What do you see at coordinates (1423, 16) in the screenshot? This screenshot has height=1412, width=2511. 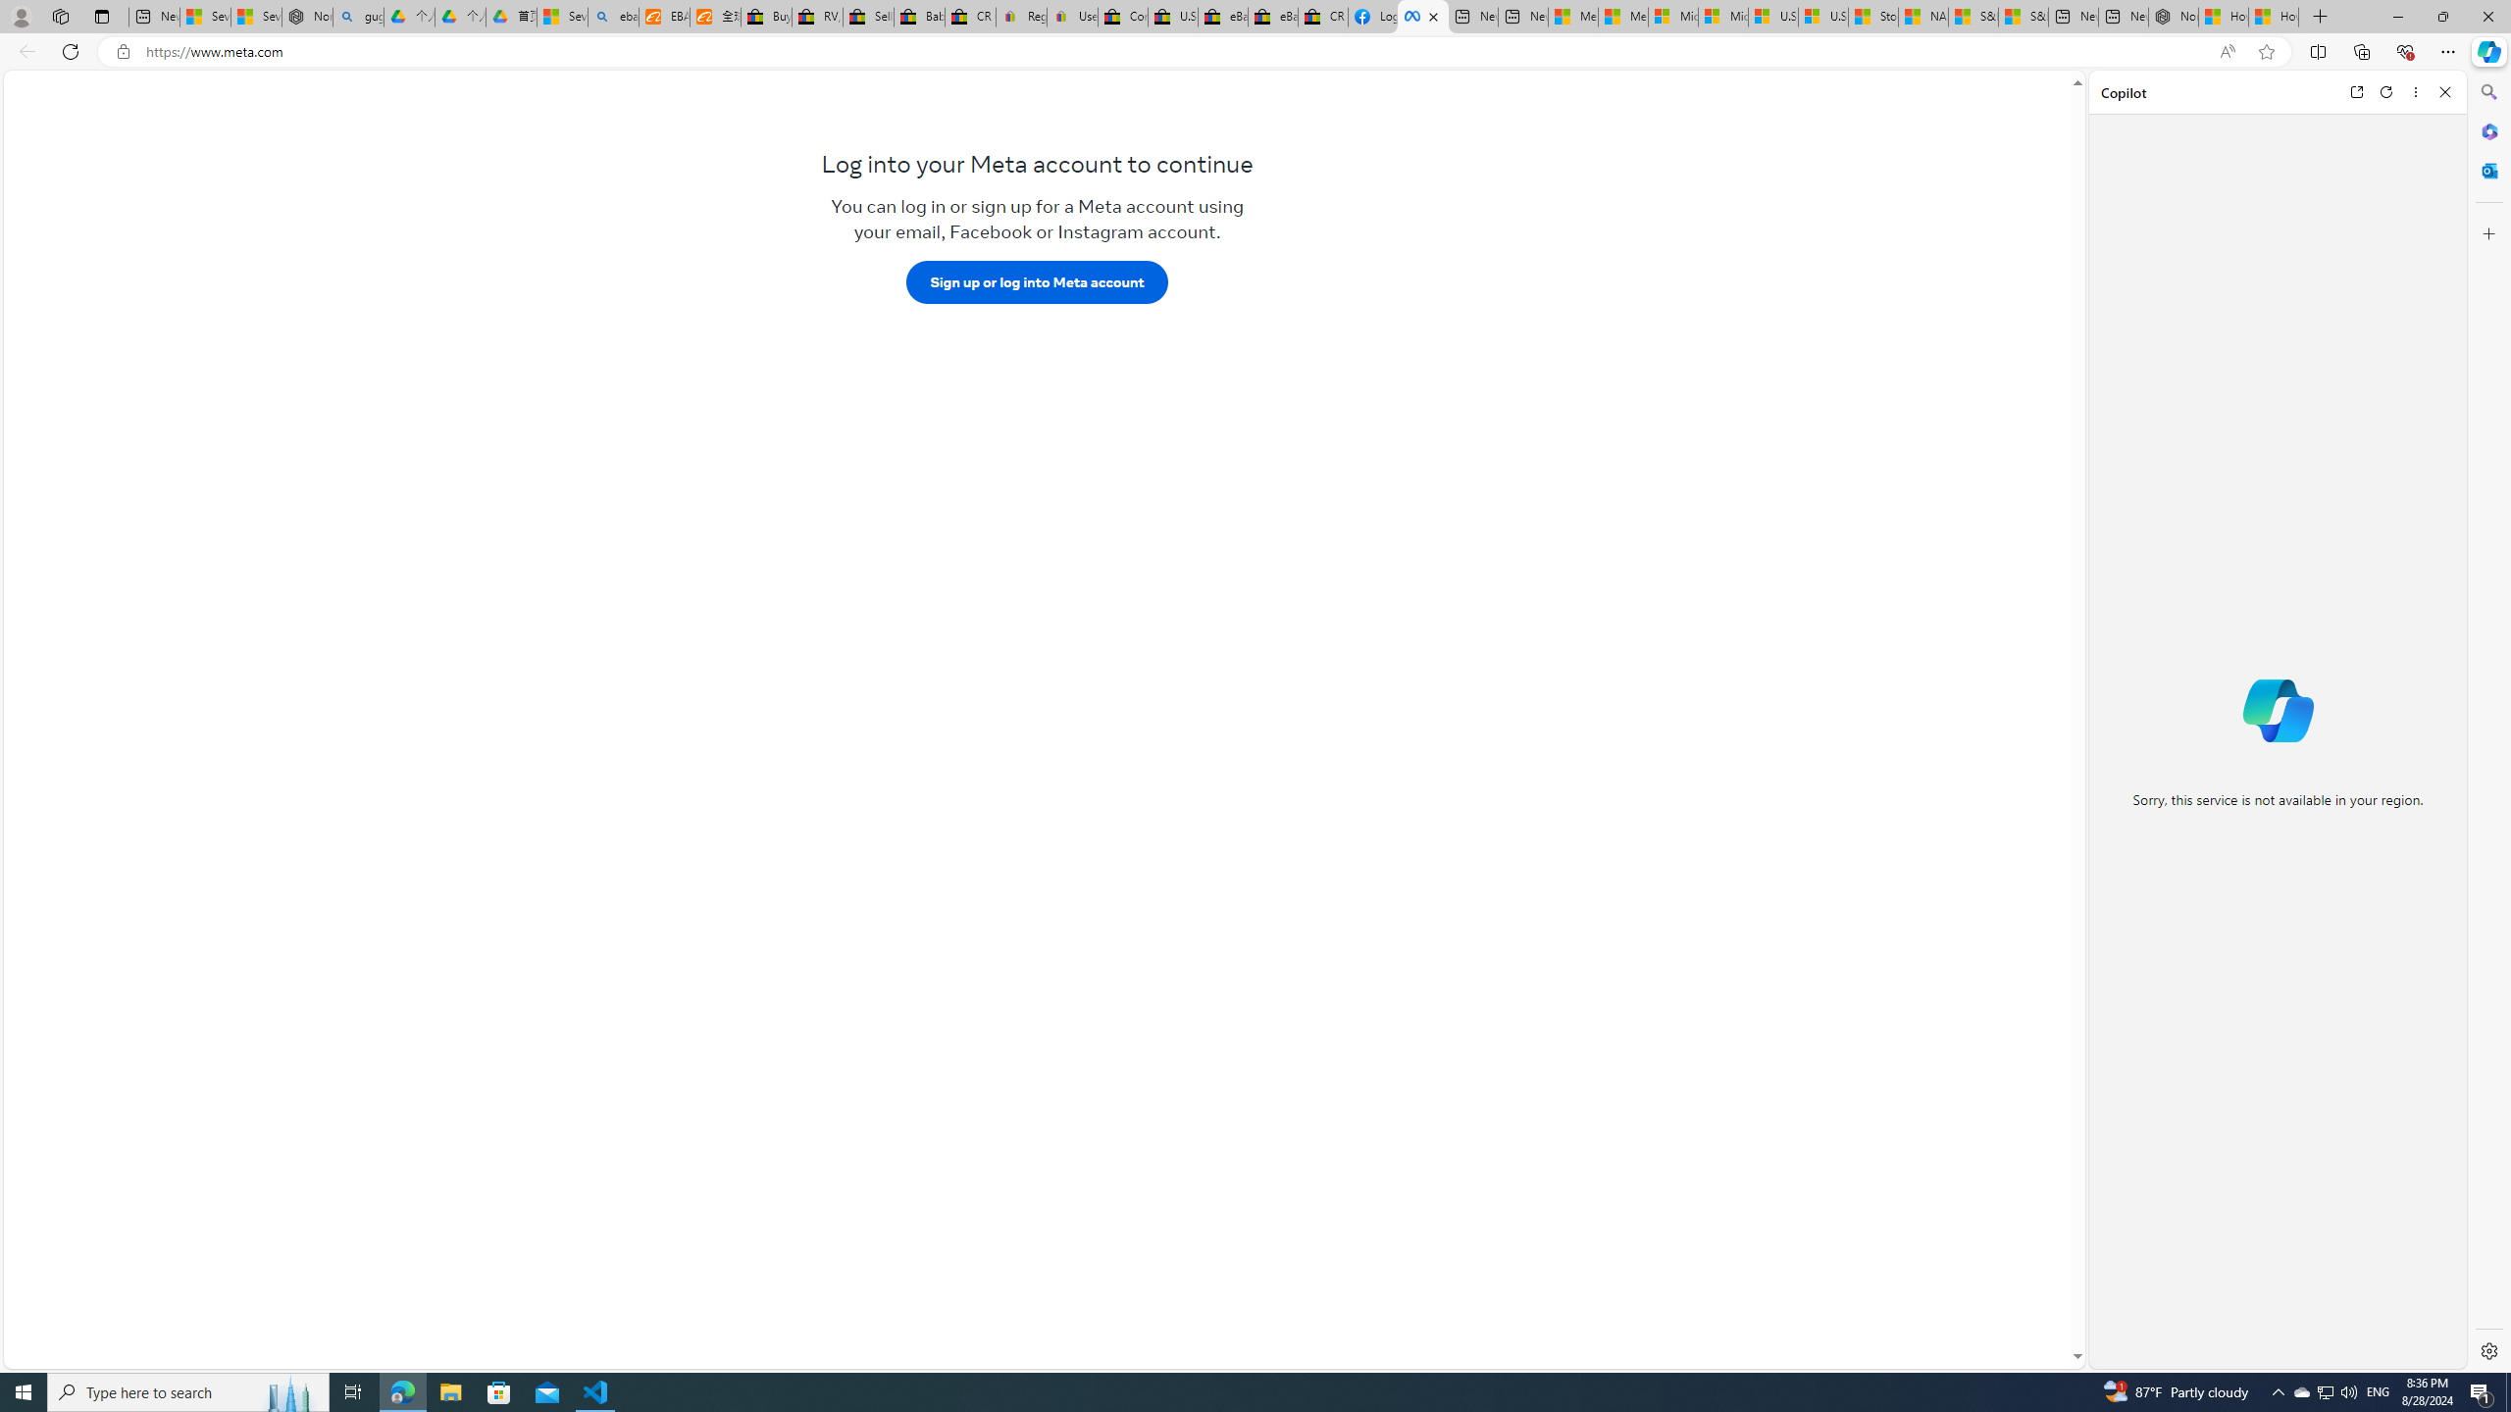 I see `'Meta Store'` at bounding box center [1423, 16].